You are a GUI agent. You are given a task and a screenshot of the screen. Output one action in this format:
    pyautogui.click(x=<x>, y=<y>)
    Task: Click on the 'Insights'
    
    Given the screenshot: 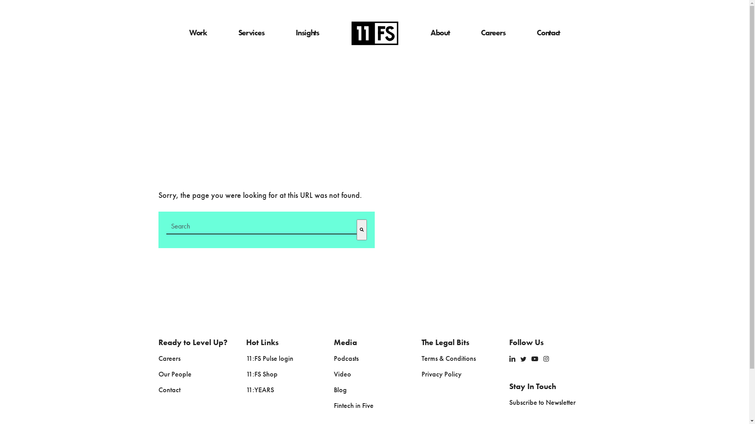 What is the action you would take?
    pyautogui.click(x=307, y=33)
    